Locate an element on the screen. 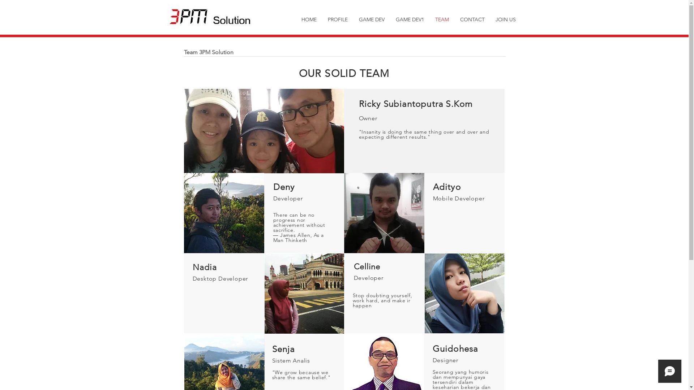  'HOME' is located at coordinates (309, 19).